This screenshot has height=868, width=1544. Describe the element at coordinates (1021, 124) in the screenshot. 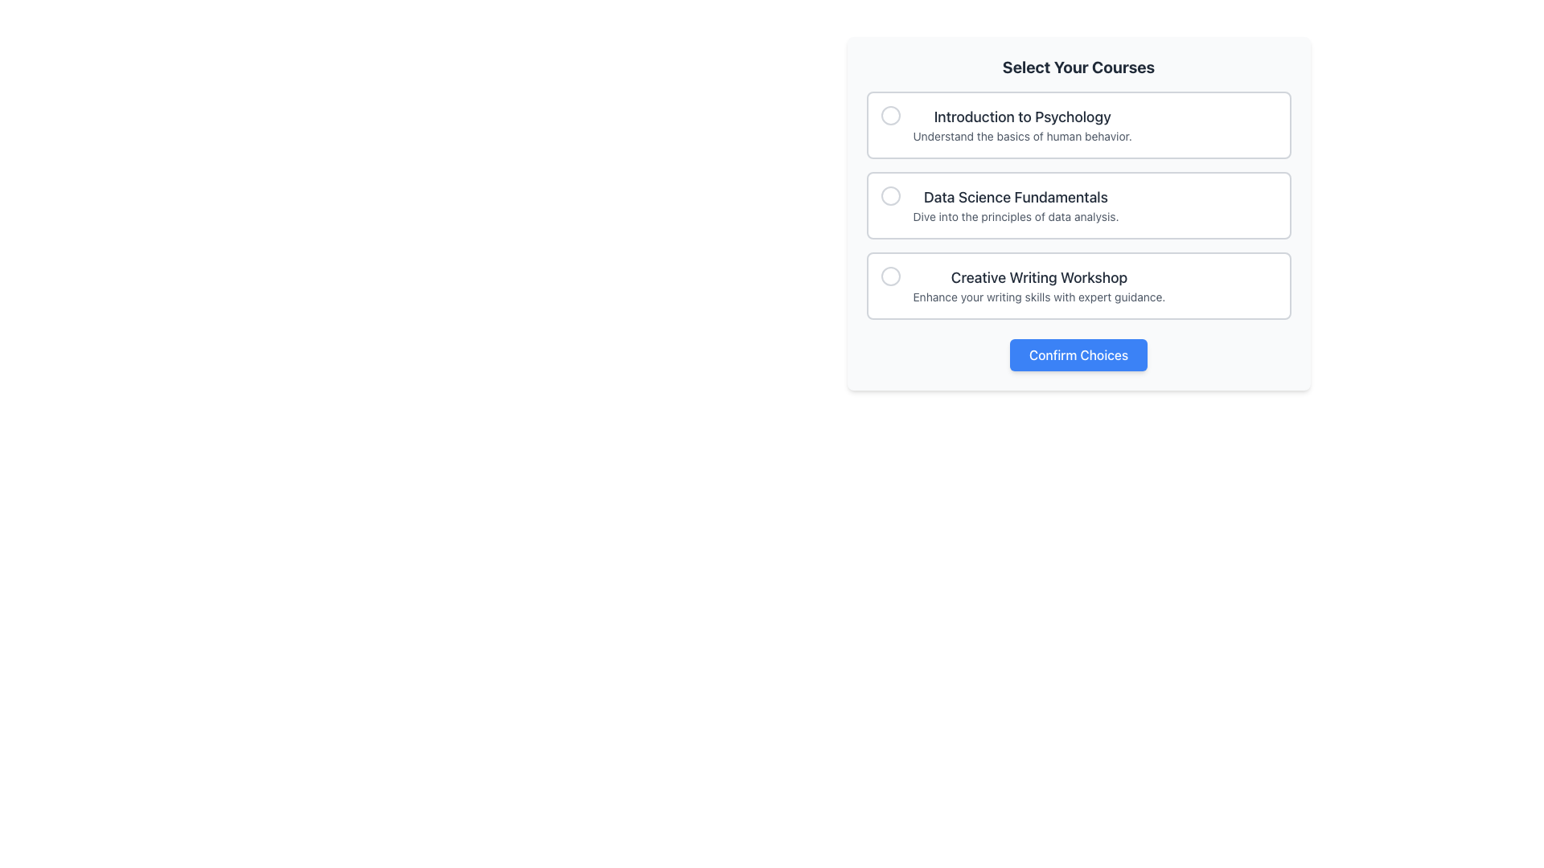

I see `text block labeled 'Introduction to Psychology' which is the first option in the 'Select Your Courses' interface, situated beneath a circular selection button` at that location.